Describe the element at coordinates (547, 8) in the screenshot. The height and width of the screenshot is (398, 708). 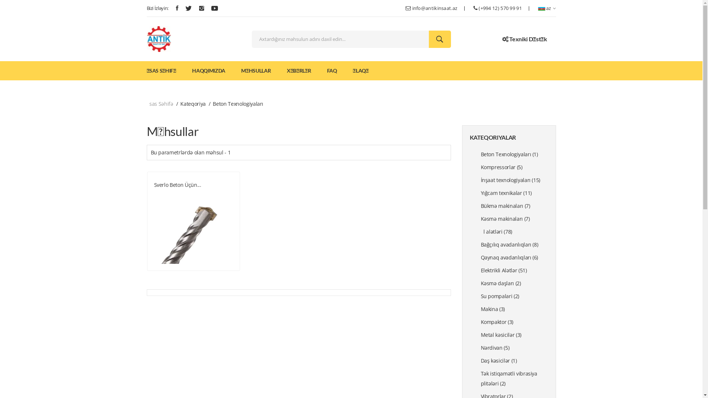
I see `'az'` at that location.